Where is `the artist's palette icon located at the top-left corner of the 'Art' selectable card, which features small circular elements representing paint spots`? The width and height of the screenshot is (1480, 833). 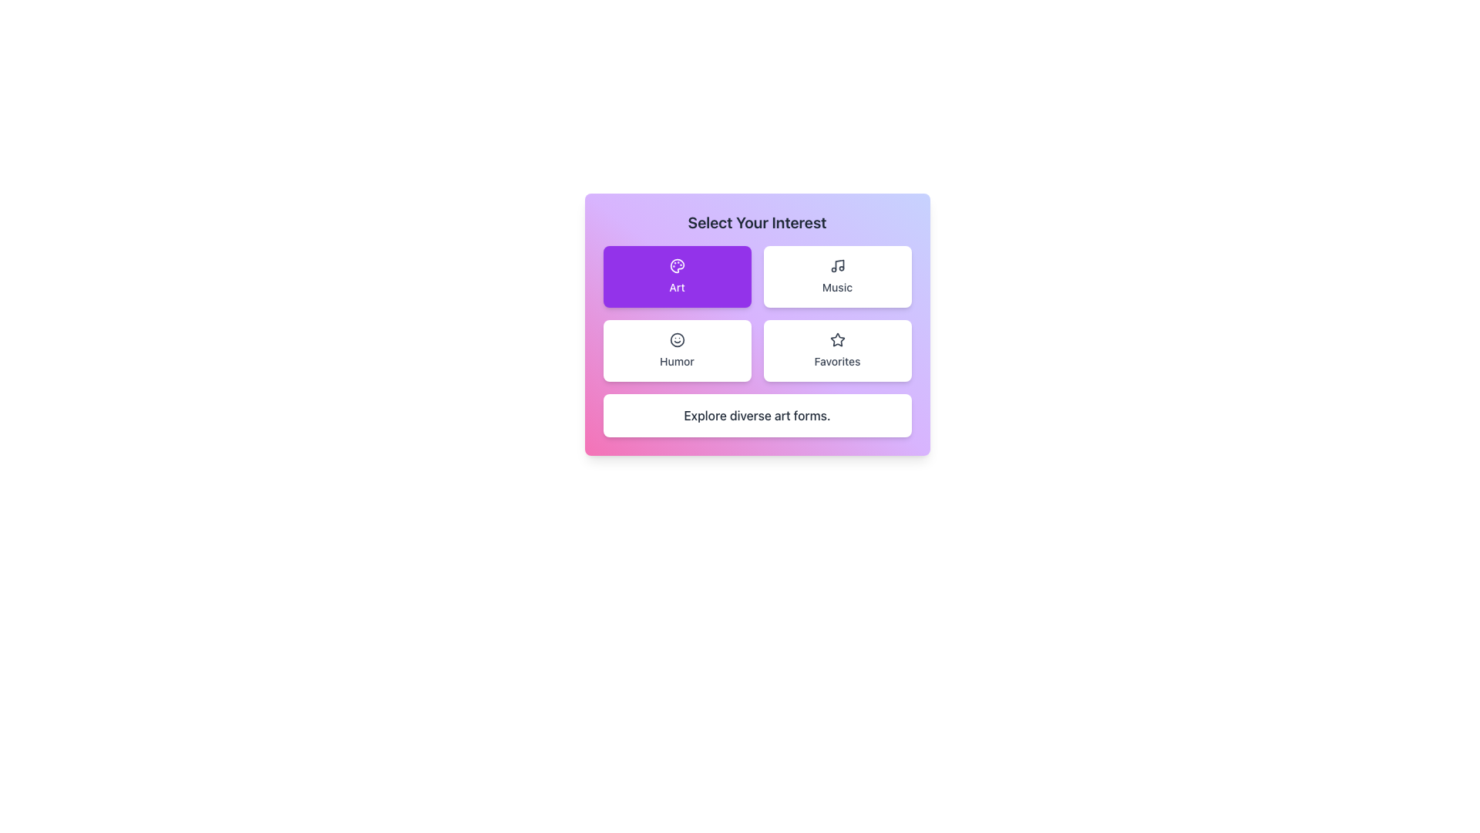
the artist's palette icon located at the top-left corner of the 'Art' selectable card, which features small circular elements representing paint spots is located at coordinates (677, 265).